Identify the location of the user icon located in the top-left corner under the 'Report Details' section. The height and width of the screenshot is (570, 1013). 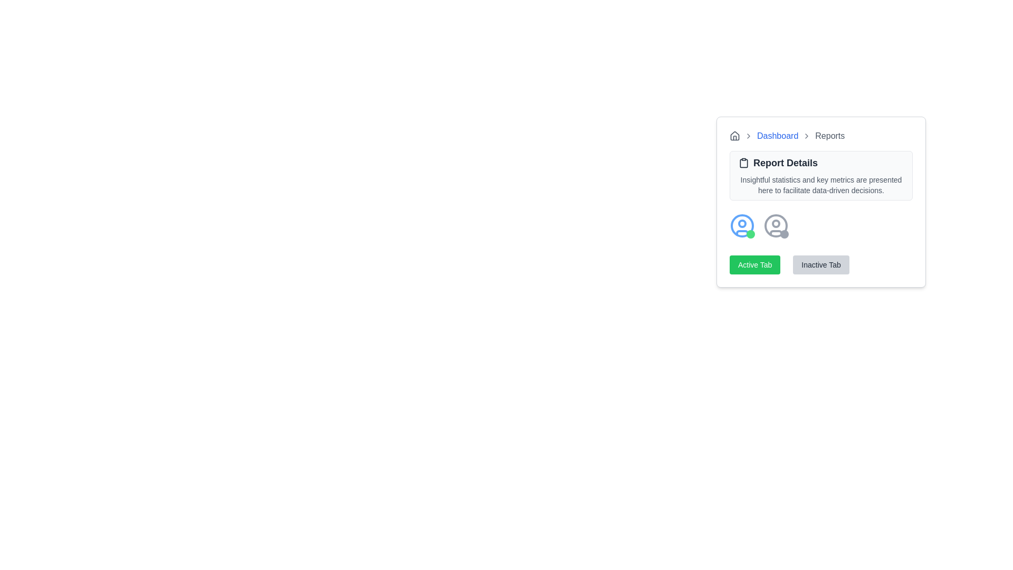
(741, 225).